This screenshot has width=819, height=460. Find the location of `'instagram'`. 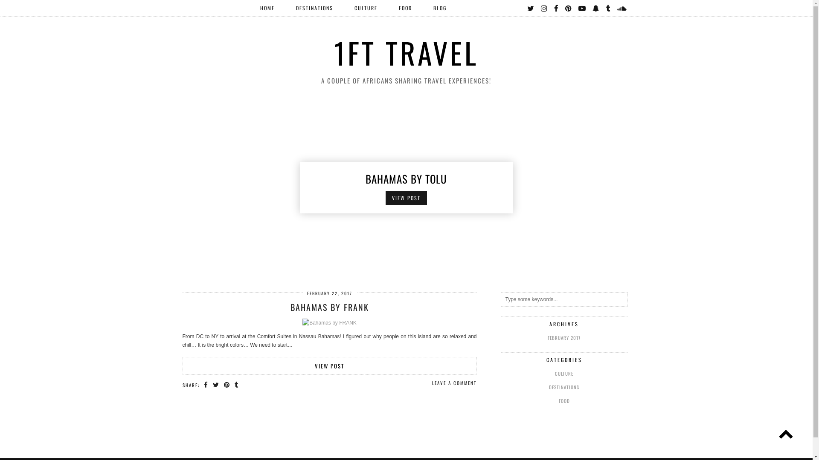

'instagram' is located at coordinates (544, 8).